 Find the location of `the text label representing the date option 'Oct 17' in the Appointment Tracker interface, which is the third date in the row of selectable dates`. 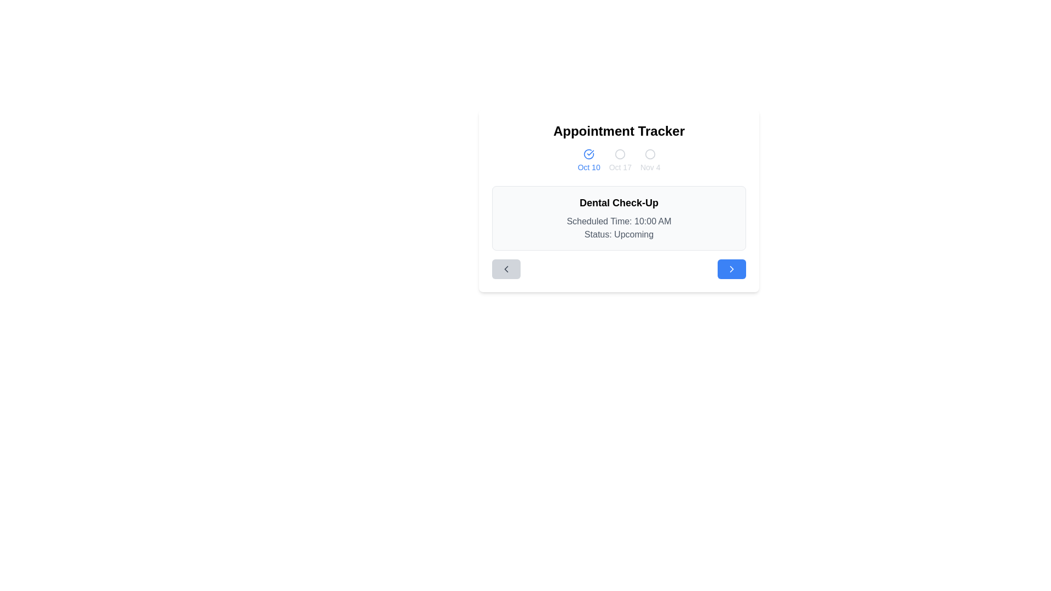

the text label representing the date option 'Oct 17' in the Appointment Tracker interface, which is the third date in the row of selectable dates is located at coordinates (620, 167).